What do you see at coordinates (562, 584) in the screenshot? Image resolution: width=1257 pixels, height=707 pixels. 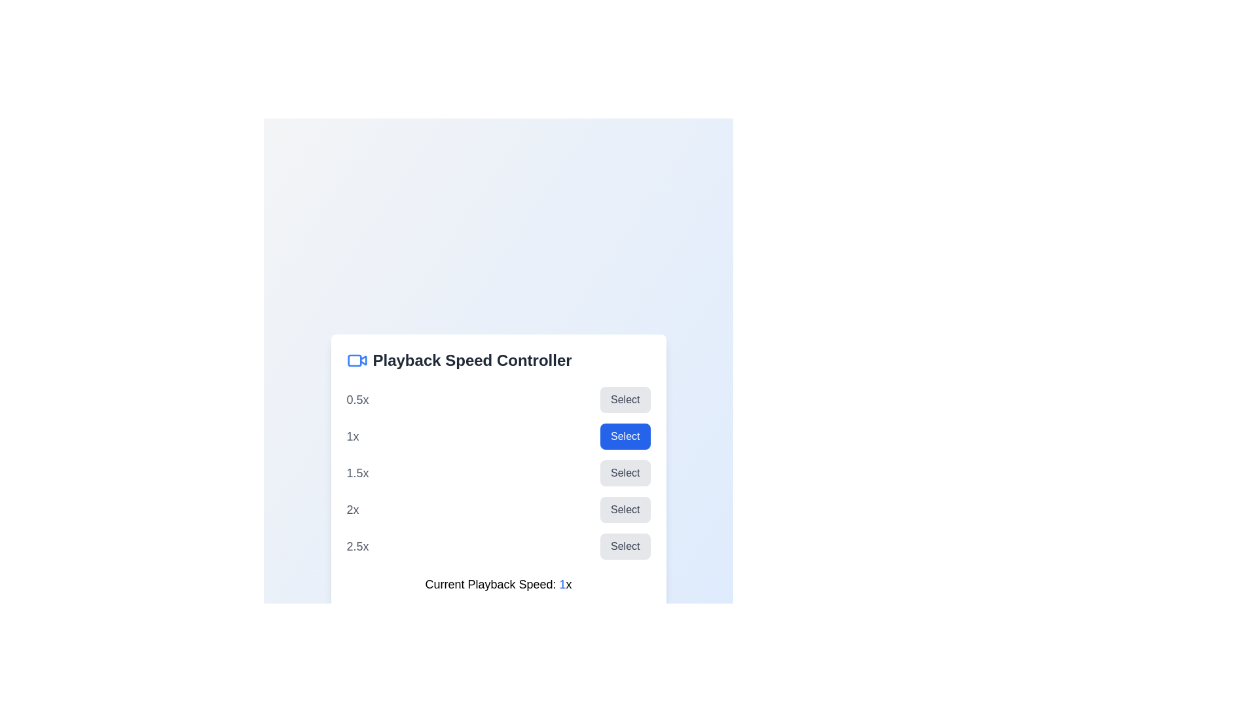 I see `blue-colored text displaying the numeral '1' within the phrase 'Current Playback Speed: 1x' located at the bottom of the playback speed controller interface` at bounding box center [562, 584].